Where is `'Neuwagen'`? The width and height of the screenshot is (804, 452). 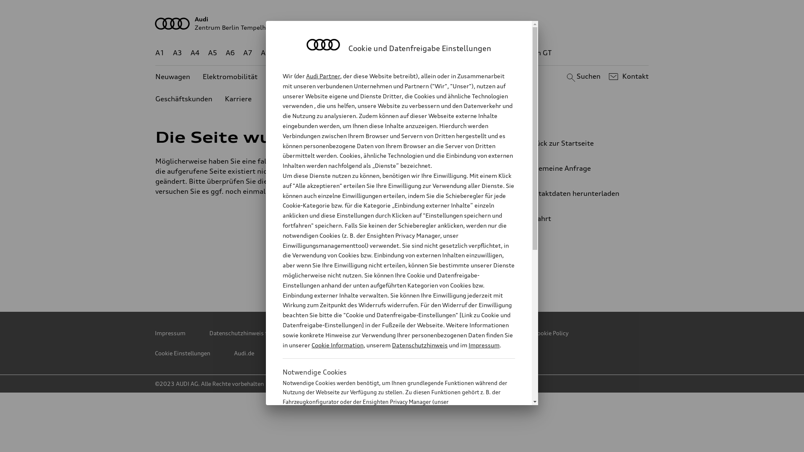 'Neuwagen' is located at coordinates (172, 77).